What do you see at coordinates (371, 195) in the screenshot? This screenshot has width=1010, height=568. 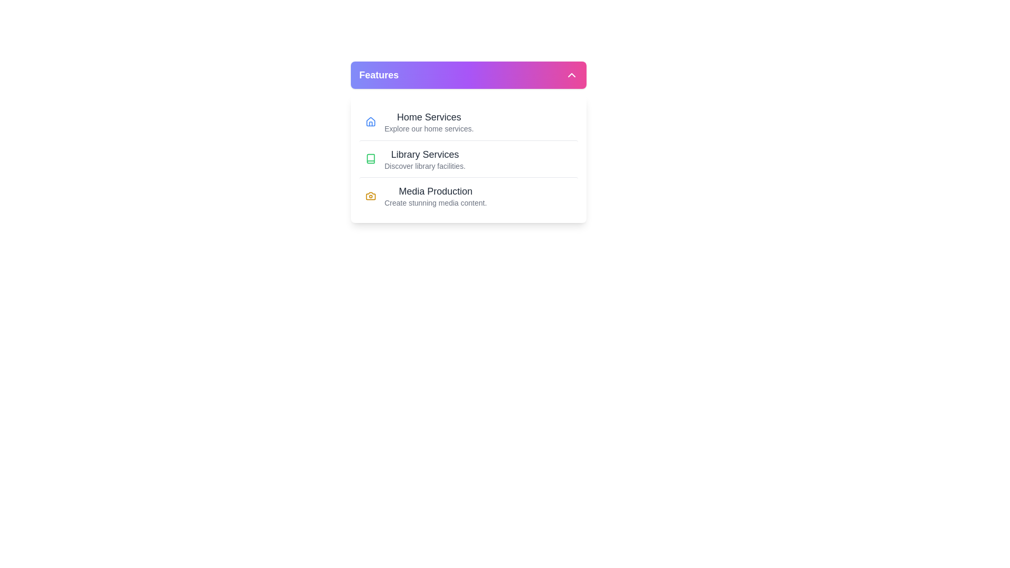 I see `the yellow camera icon, which is the third item in the 'Media Production' list, positioned to the left of its text label in the dropdown menu` at bounding box center [371, 195].